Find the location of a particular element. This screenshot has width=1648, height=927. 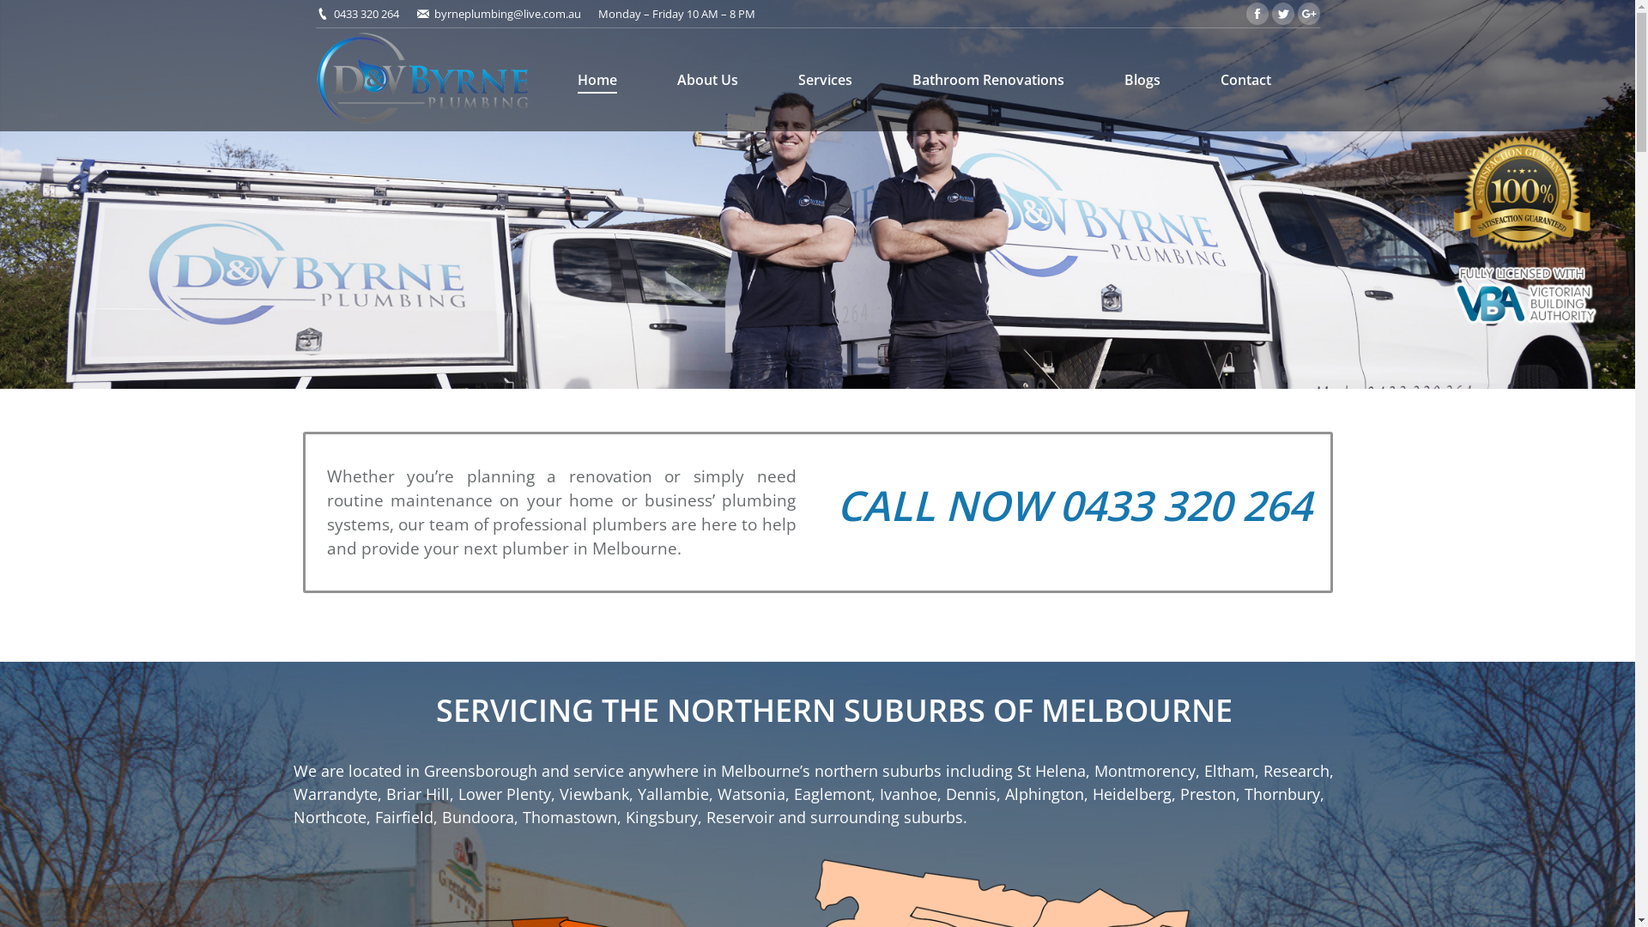

'Facebook' is located at coordinates (1245, 13).